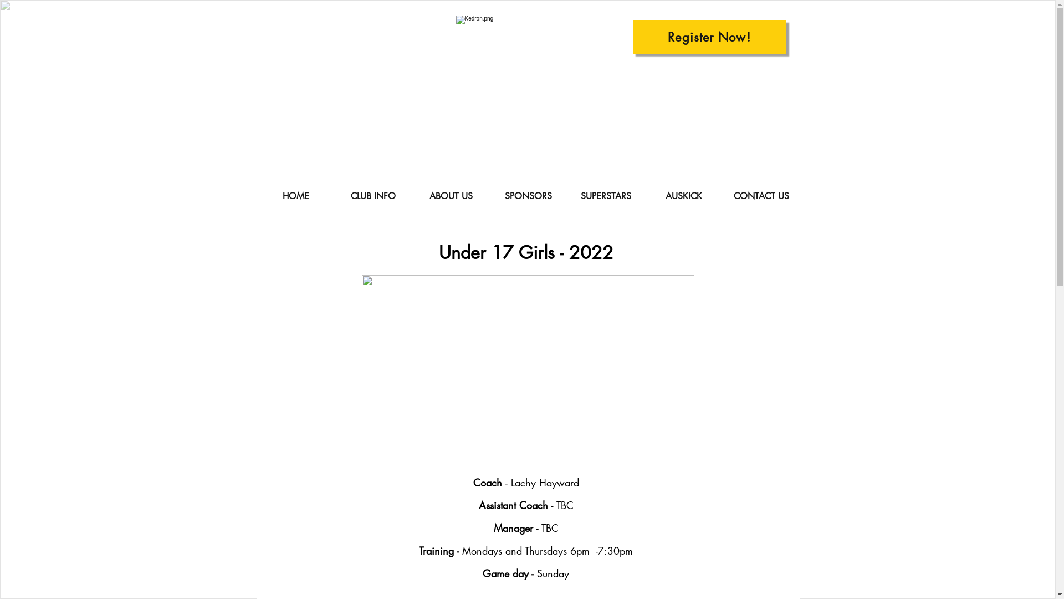 This screenshot has width=1064, height=599. I want to click on 'AUSKICK', so click(683, 196).